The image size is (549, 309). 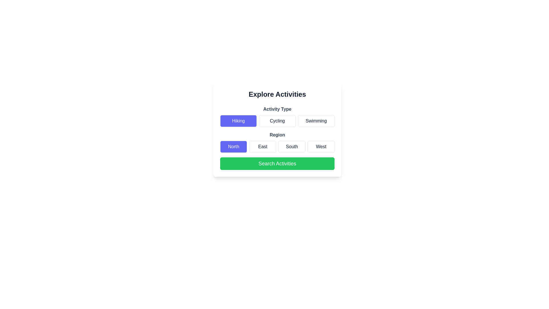 What do you see at coordinates (277, 116) in the screenshot?
I see `the label under the header 'Activity Type' that displays the options 'Hiking', 'Cycling', and 'Swimming'` at bounding box center [277, 116].